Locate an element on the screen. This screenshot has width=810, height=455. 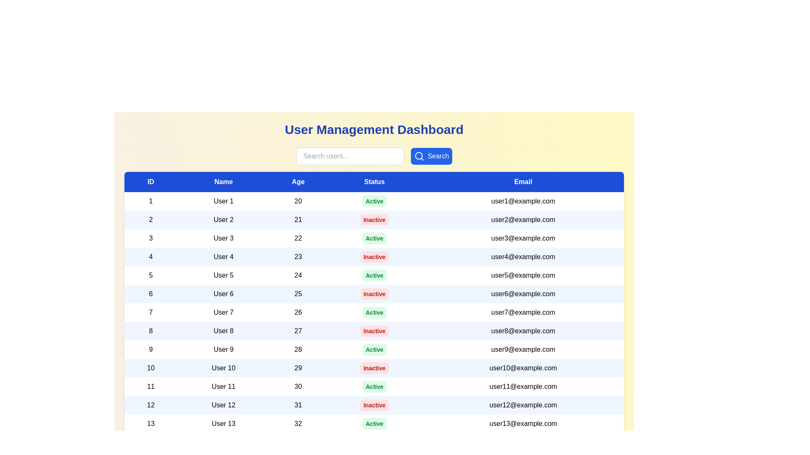
the column header Age to sort the table by that column is located at coordinates (298, 182).